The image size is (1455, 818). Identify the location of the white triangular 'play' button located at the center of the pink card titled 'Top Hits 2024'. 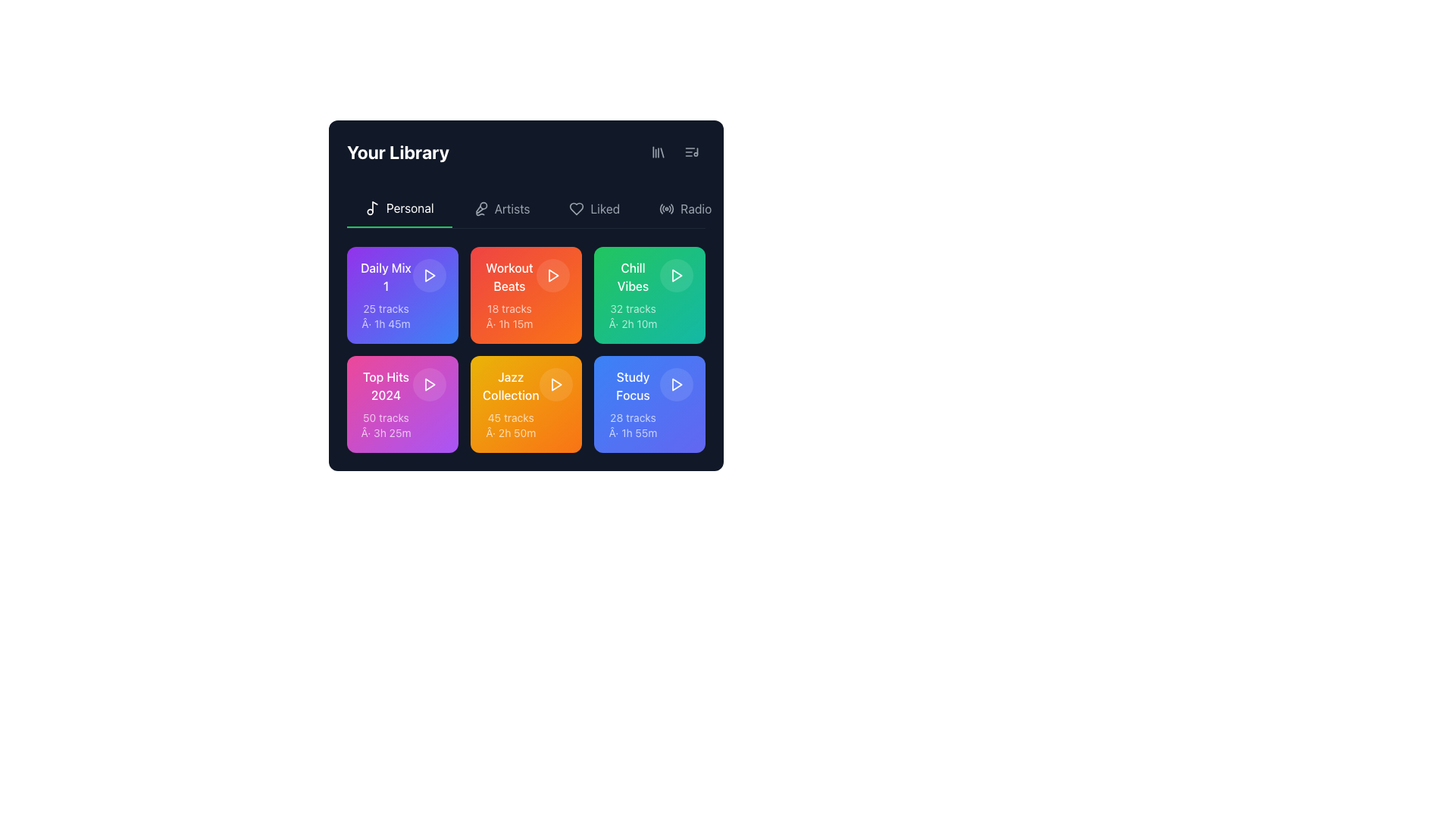
(428, 384).